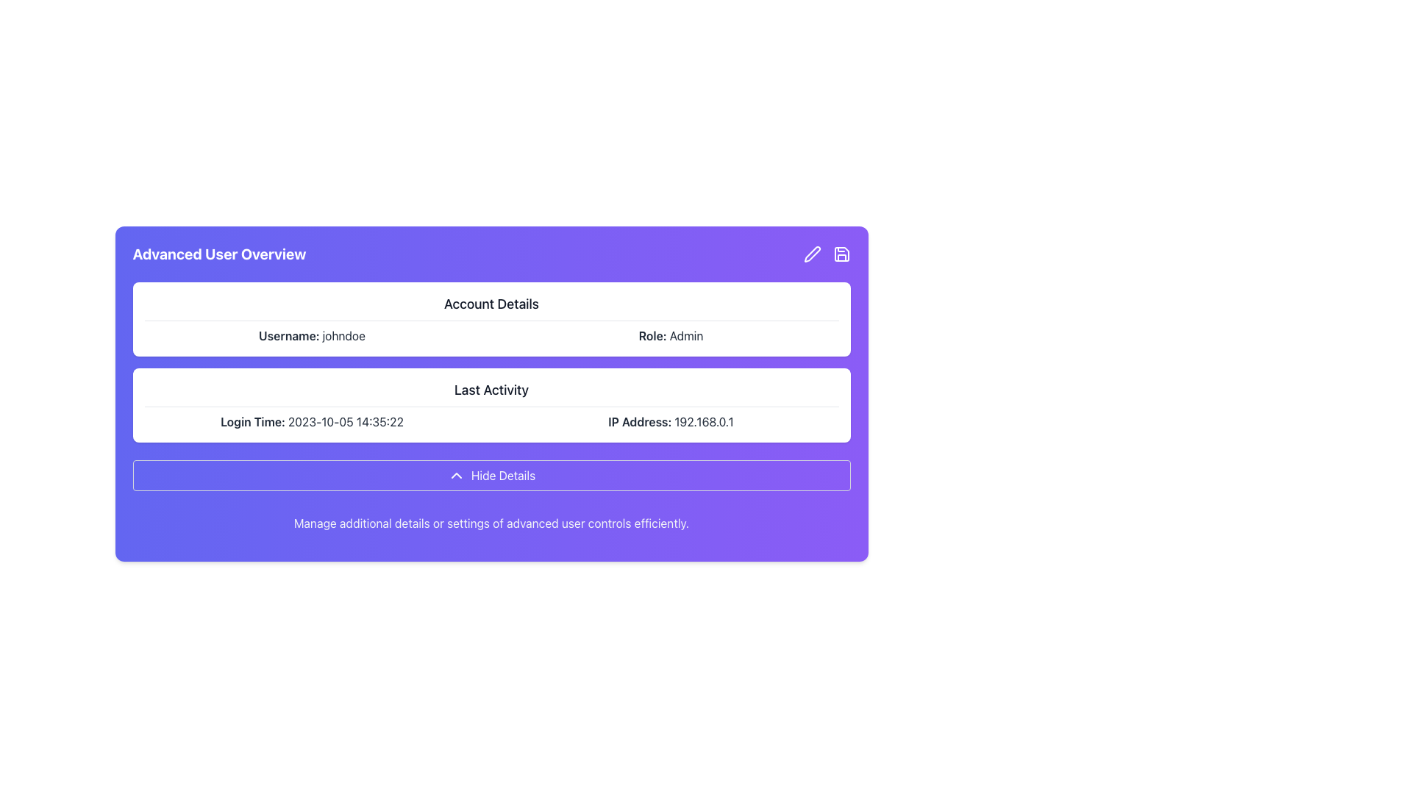 The image size is (1412, 794). I want to click on the edit icon button located in the top-right corner of the purple card section, so click(811, 254).